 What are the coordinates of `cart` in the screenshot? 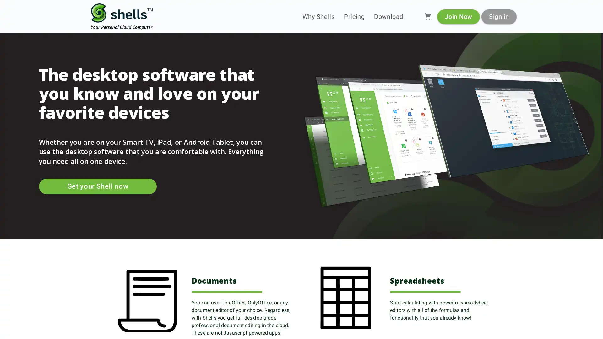 It's located at (428, 16).